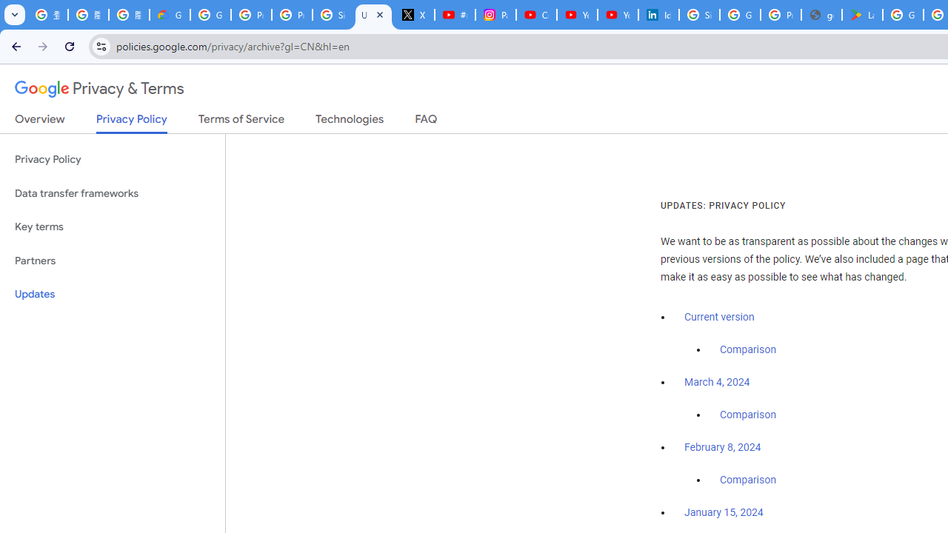 This screenshot has width=948, height=533. Describe the element at coordinates (415, 15) in the screenshot. I see `'X'` at that location.